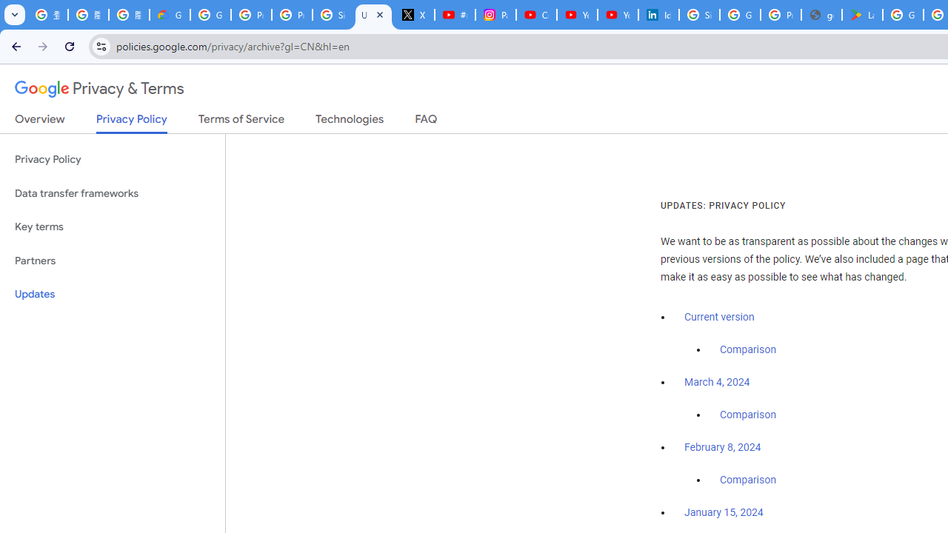 This screenshot has width=948, height=533. Describe the element at coordinates (415, 15) in the screenshot. I see `'X'` at that location.